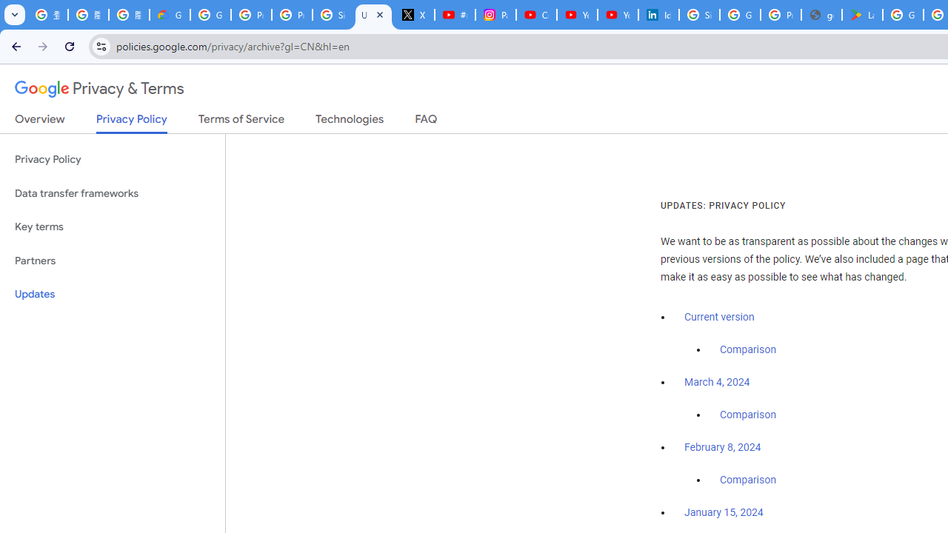 This screenshot has width=948, height=533. Describe the element at coordinates (415, 15) in the screenshot. I see `'X'` at that location.